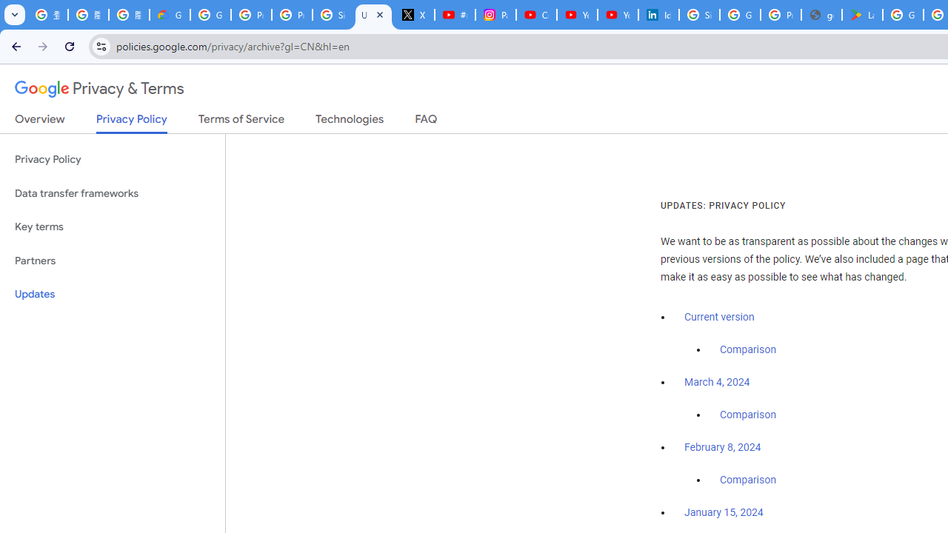 This screenshot has width=948, height=533. Describe the element at coordinates (415, 15) in the screenshot. I see `'X'` at that location.